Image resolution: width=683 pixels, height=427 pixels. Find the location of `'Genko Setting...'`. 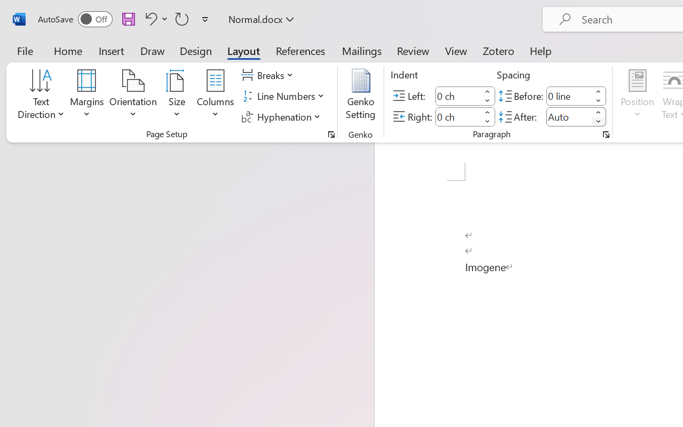

'Genko Setting...' is located at coordinates (361, 96).